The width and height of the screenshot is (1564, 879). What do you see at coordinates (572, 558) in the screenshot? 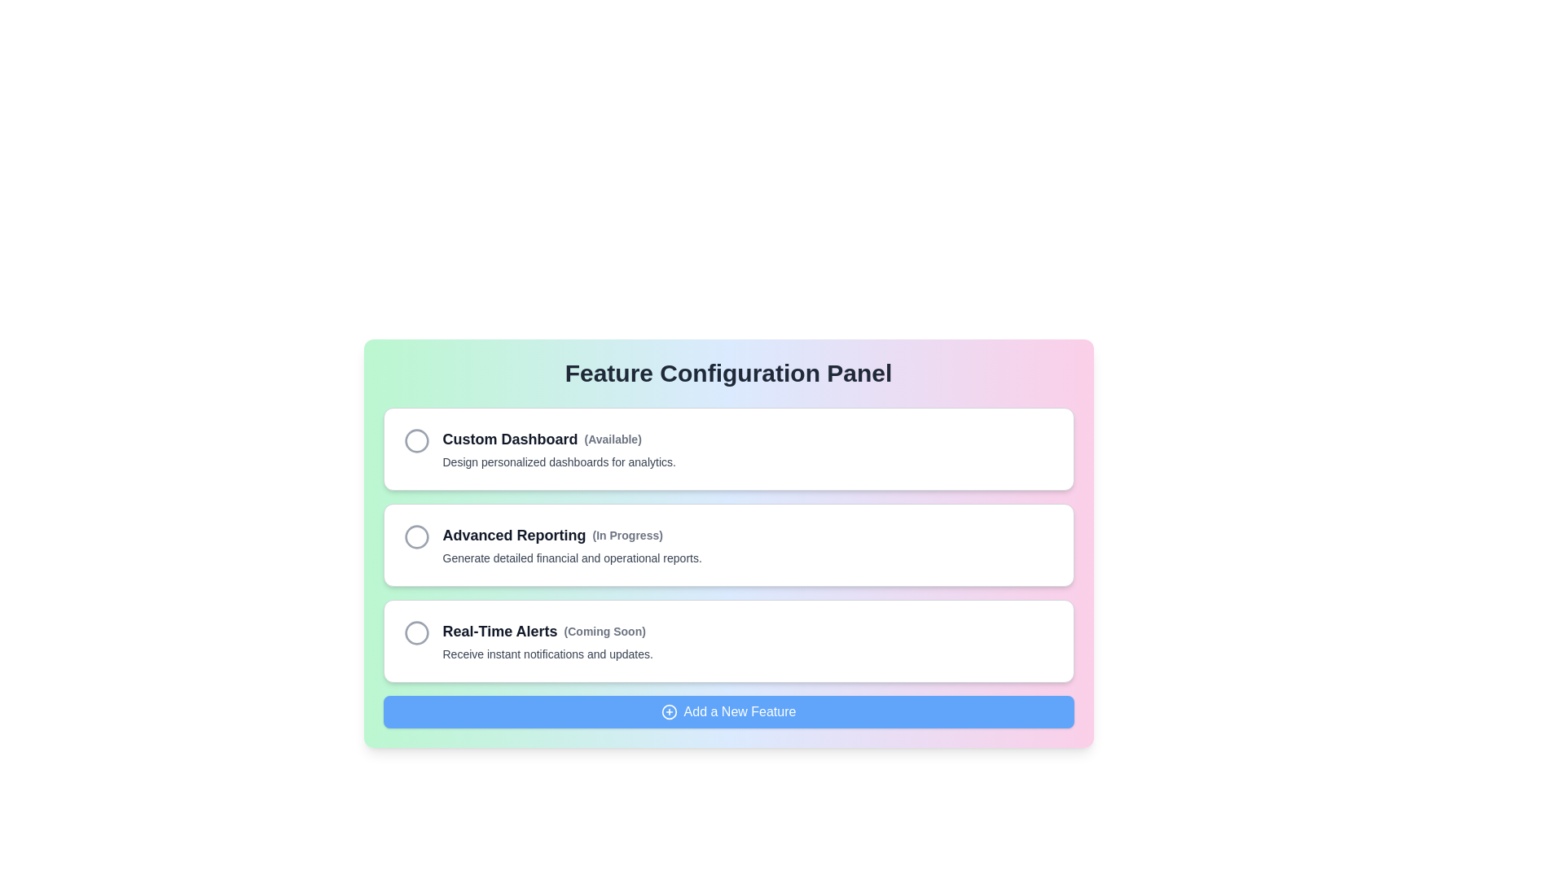
I see `the Text Label that describes the functionality of 'Advanced Reporting', located directly beneath the title 'Advanced Reporting (In Progress)'` at bounding box center [572, 558].